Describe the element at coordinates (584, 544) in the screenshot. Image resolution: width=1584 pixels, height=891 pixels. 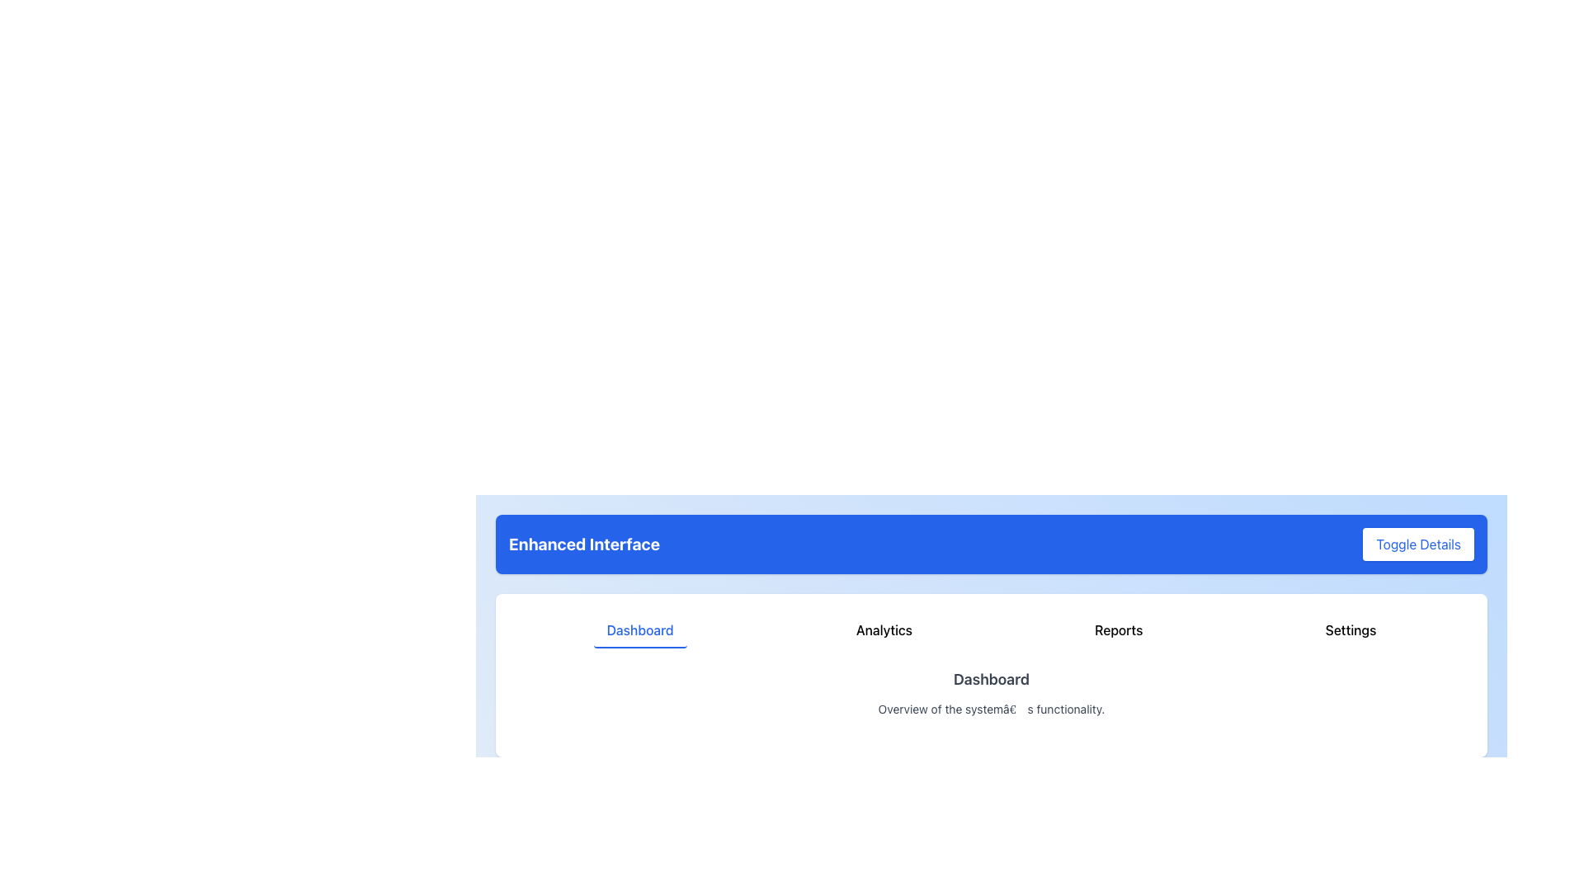
I see `the Text Label displaying 'Enhanced Interface' in bold white font on a blue background` at that location.